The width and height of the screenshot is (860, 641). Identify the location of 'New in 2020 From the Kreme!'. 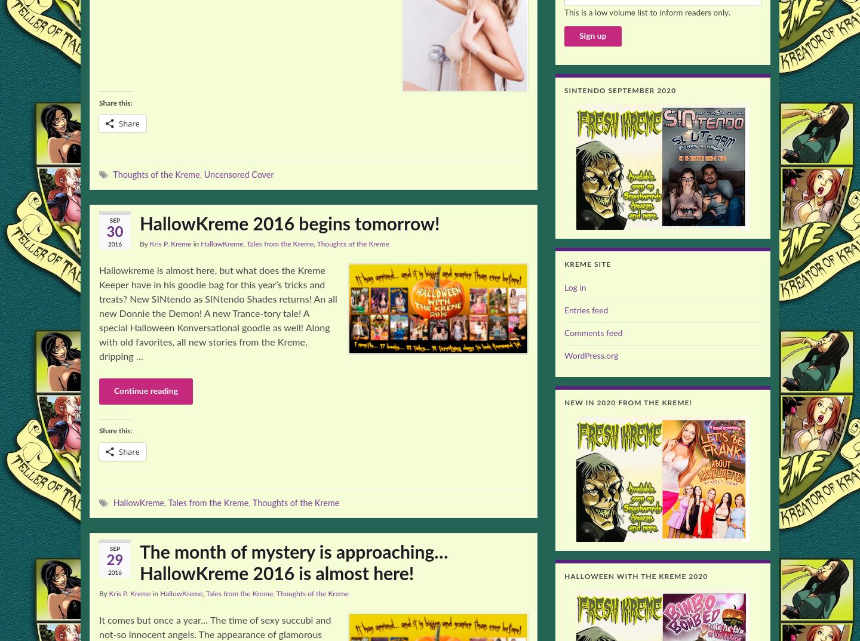
(628, 402).